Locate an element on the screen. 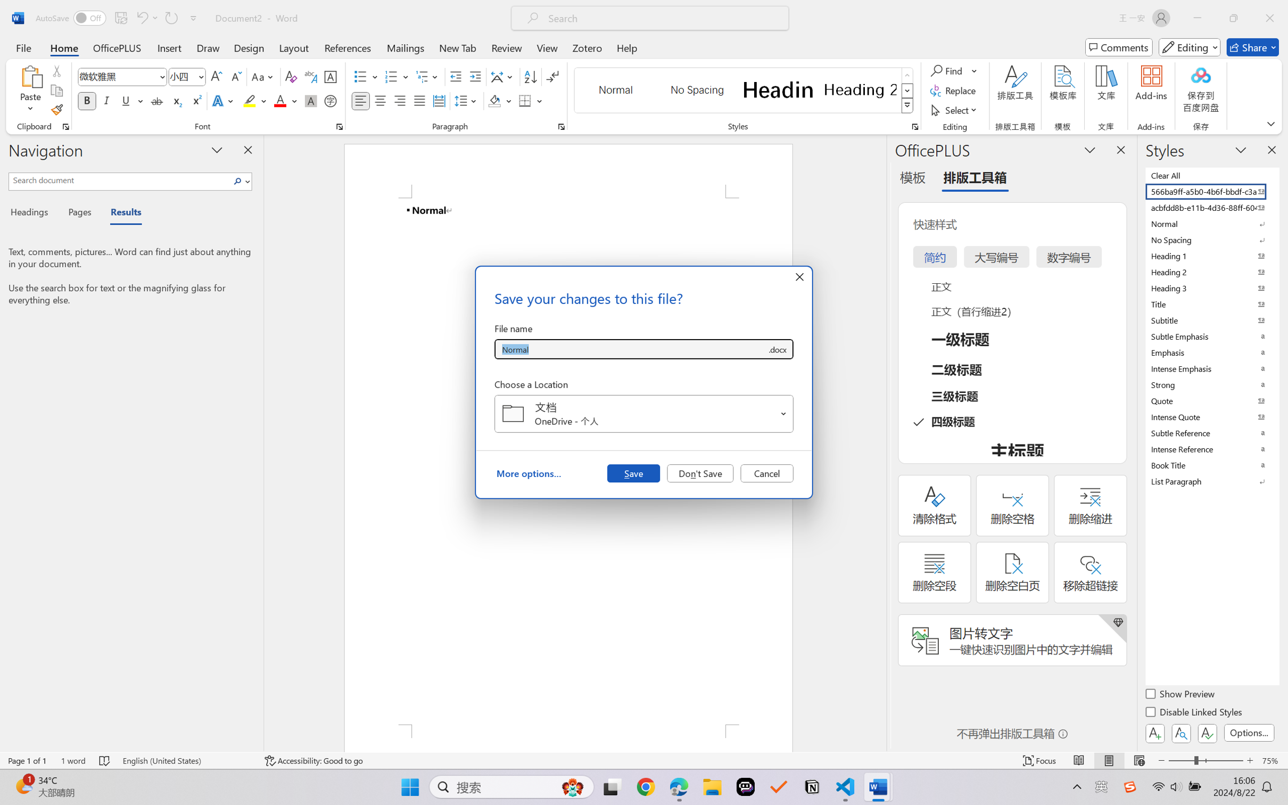 The height and width of the screenshot is (805, 1288). 'Office Clipboard...' is located at coordinates (65, 126).